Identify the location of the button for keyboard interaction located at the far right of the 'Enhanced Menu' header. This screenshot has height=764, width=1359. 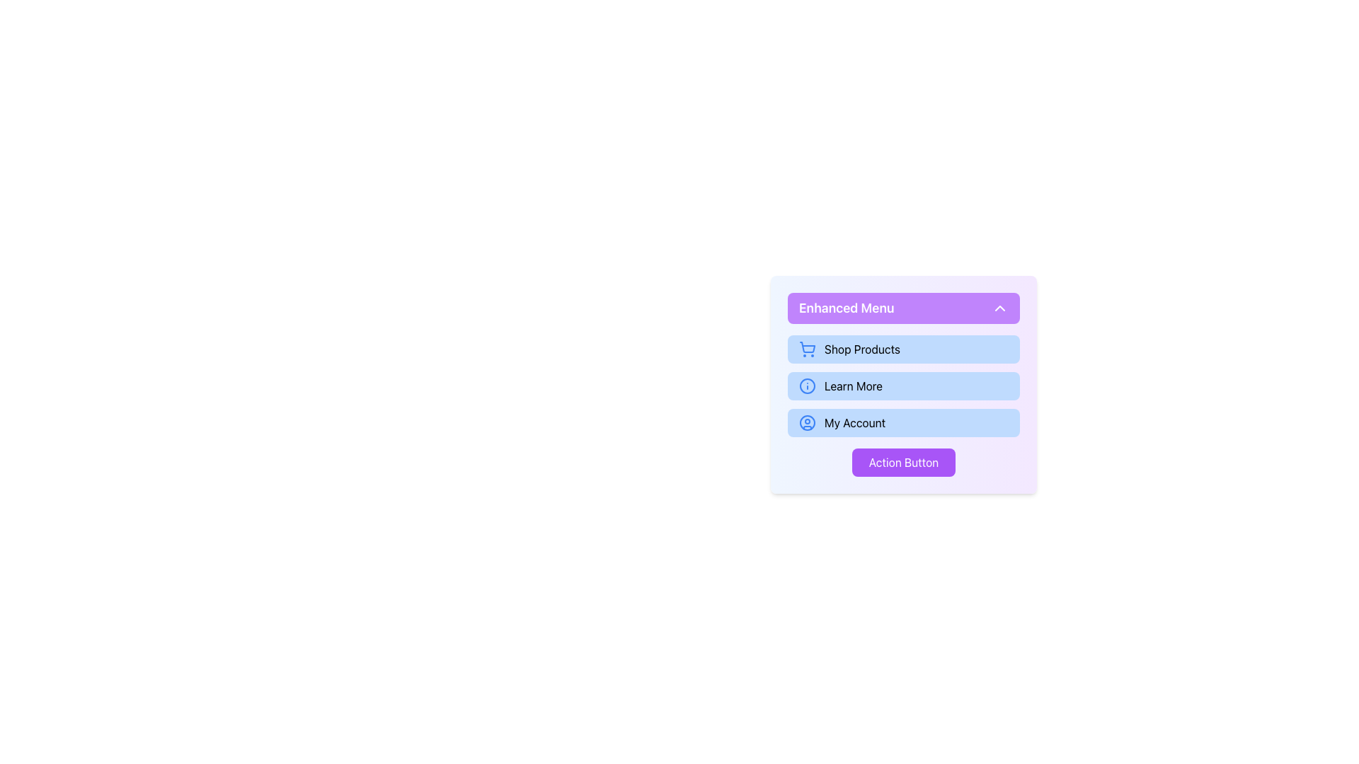
(999, 307).